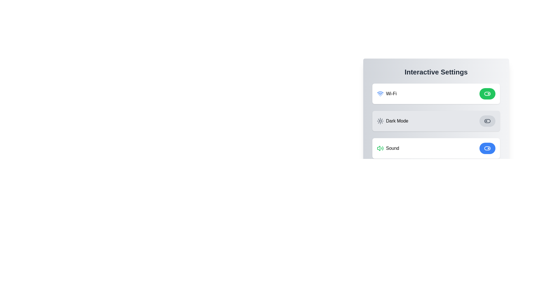 The height and width of the screenshot is (307, 547). I want to click on the interactive toggle option for dark mode setting, which is the second item in the 'Interactive Settings' card, so click(436, 121).